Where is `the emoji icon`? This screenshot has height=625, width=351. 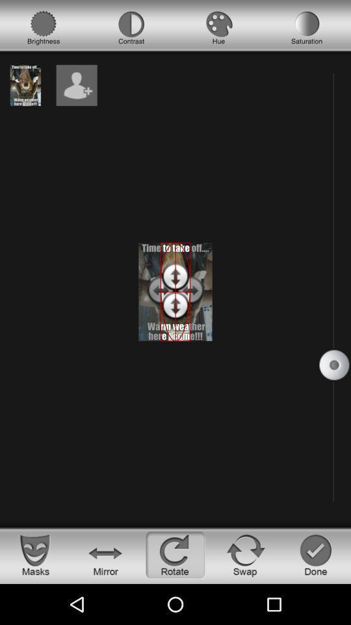
the emoji icon is located at coordinates (35, 554).